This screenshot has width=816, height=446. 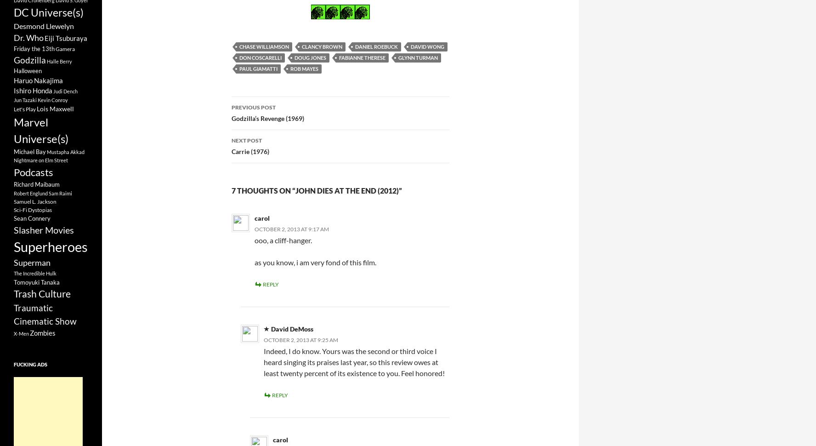 I want to click on 'David DeMoss', so click(x=291, y=328).